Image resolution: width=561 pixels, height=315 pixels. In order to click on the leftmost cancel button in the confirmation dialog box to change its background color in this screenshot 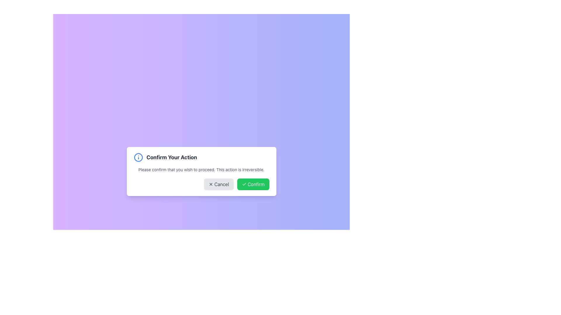, I will do `click(218, 184)`.